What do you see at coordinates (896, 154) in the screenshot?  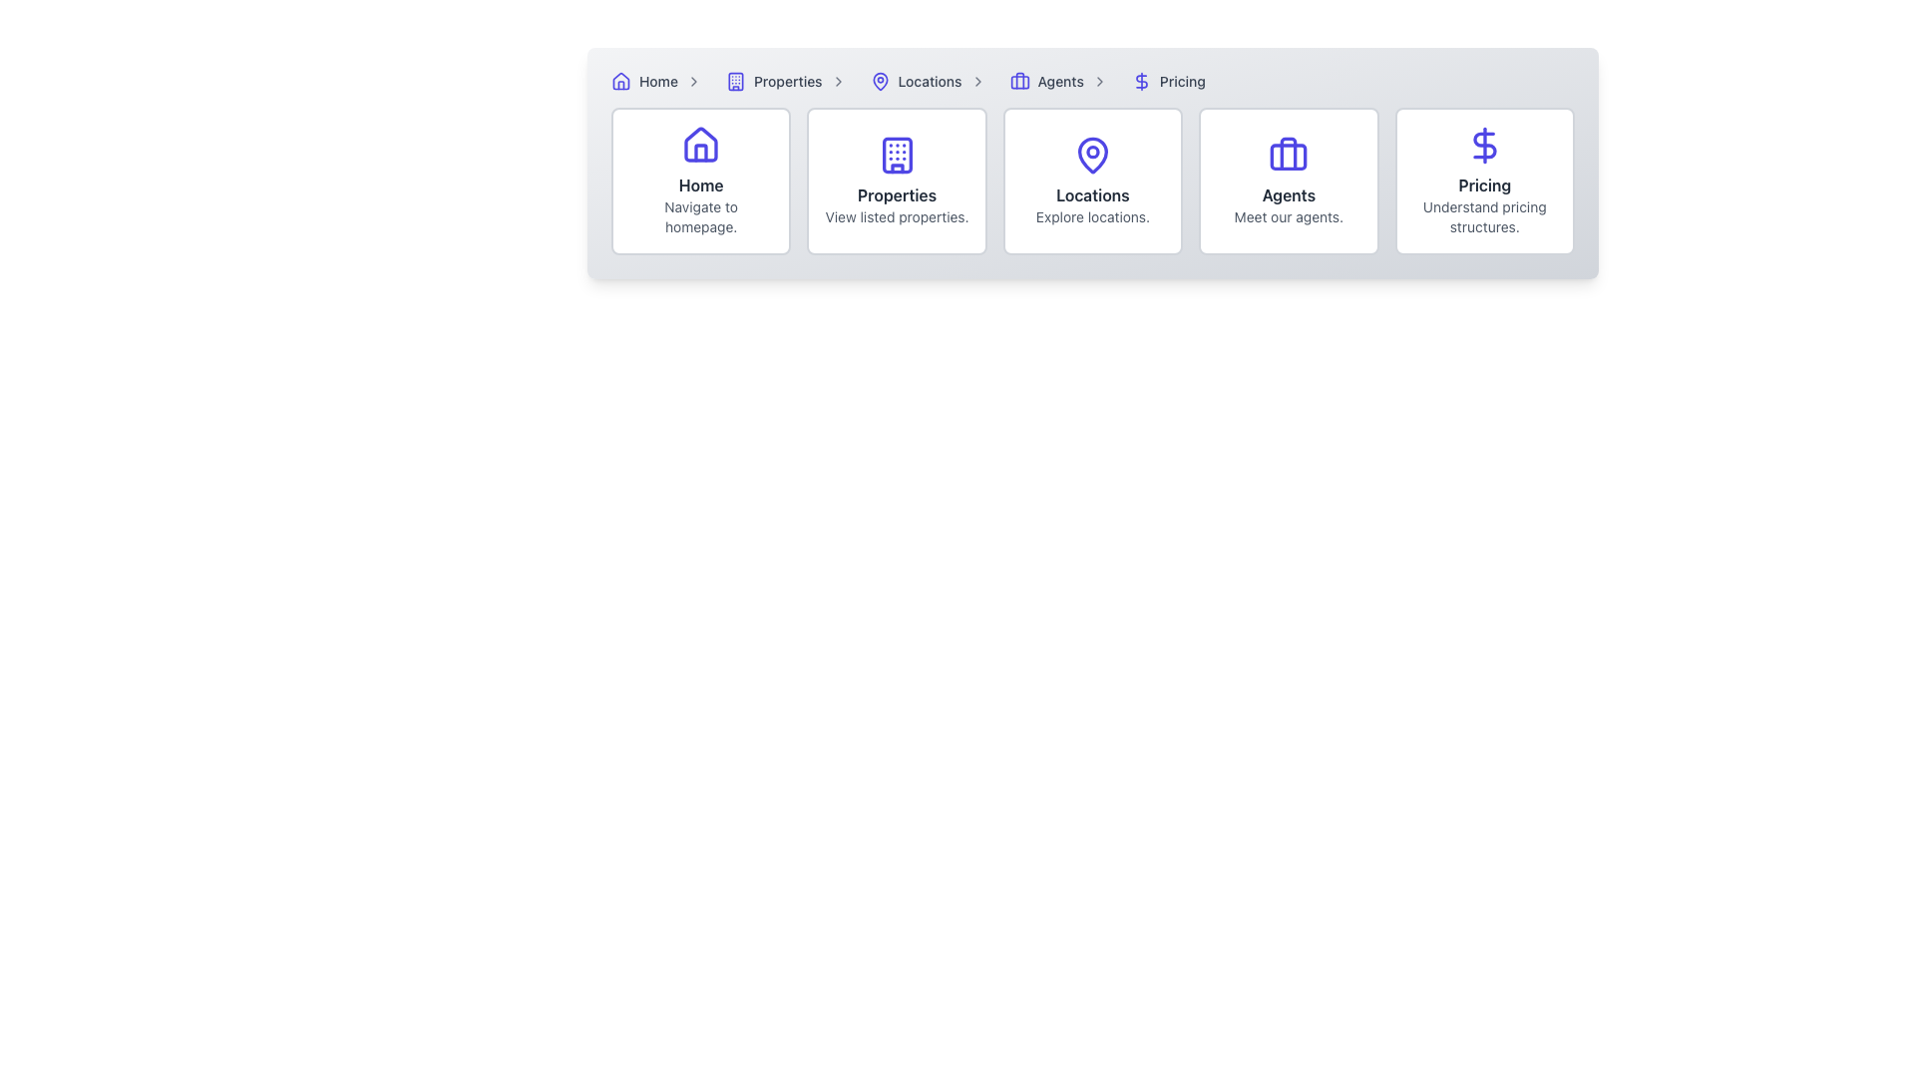 I see `the building icon element located in the navigation bar, which is above the 'Properties' label and symbolizes real estate` at bounding box center [896, 154].